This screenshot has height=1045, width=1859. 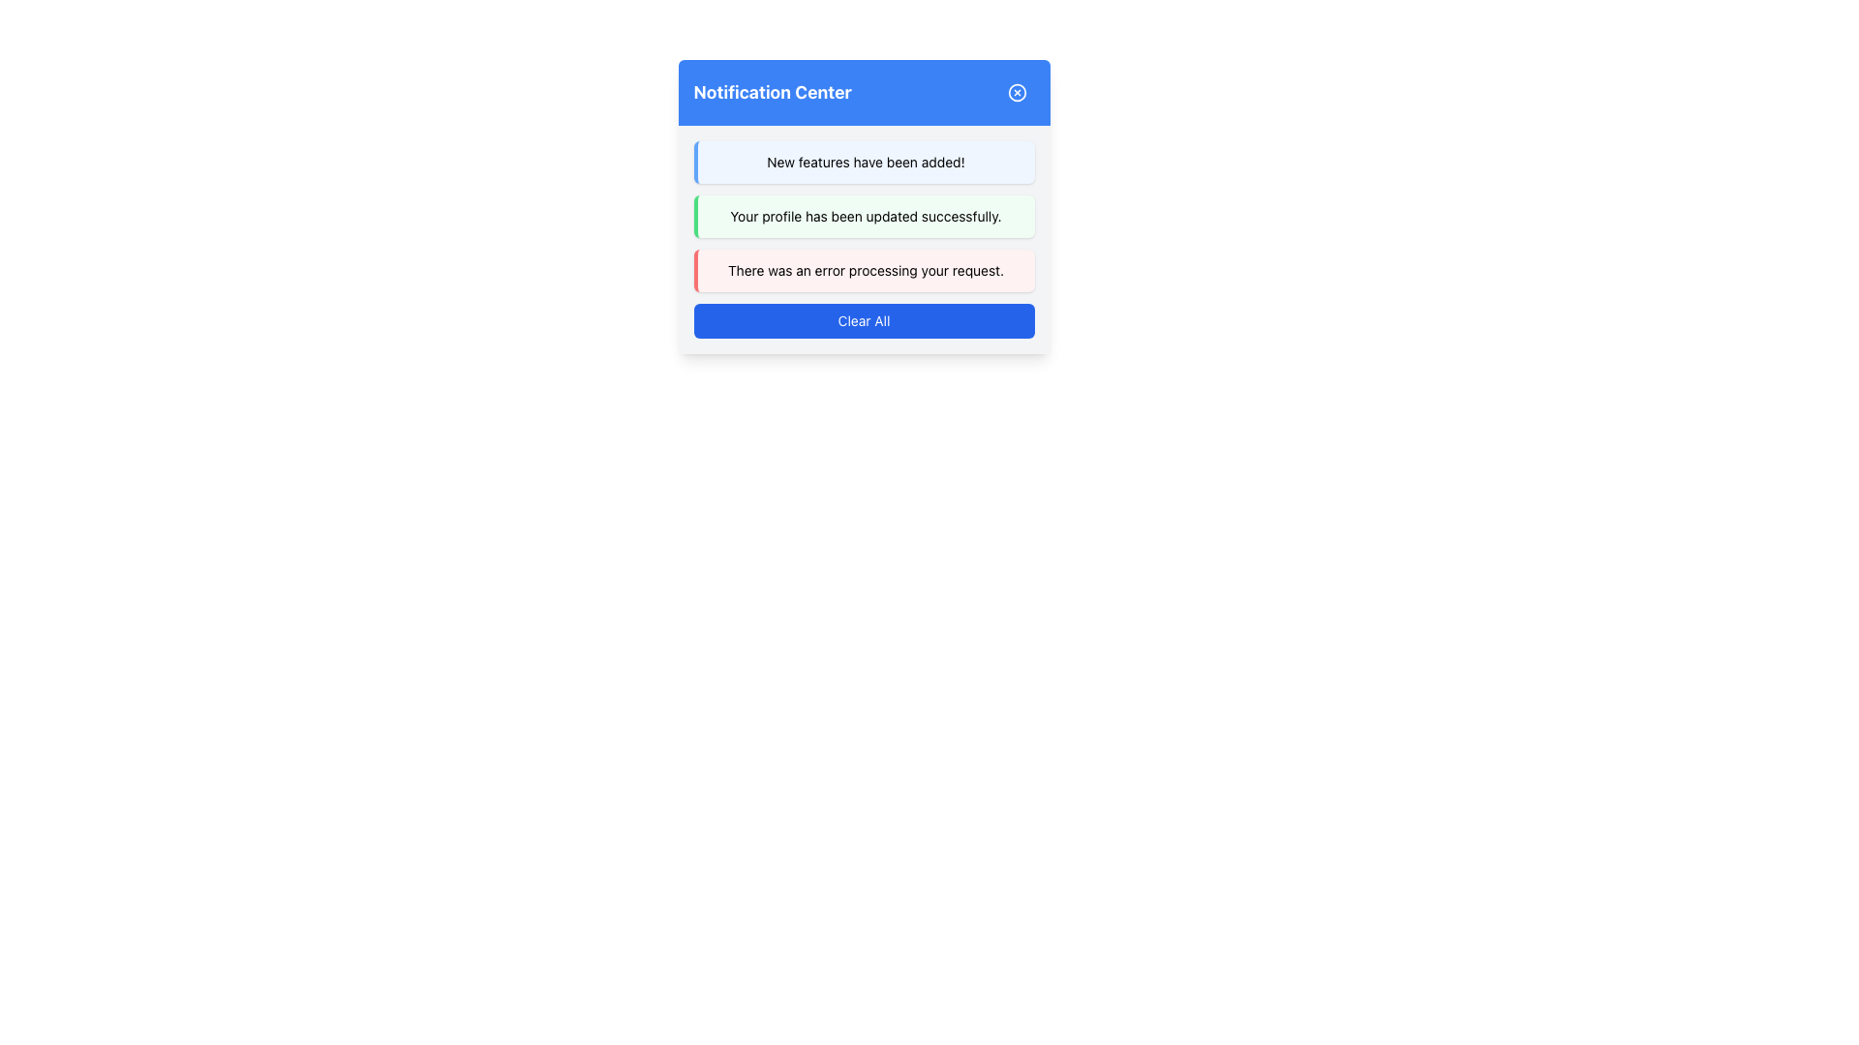 I want to click on the circular close button with an 'X' icon located in the top-right corner of the blue 'Notification Center' header bar, so click(x=1016, y=93).